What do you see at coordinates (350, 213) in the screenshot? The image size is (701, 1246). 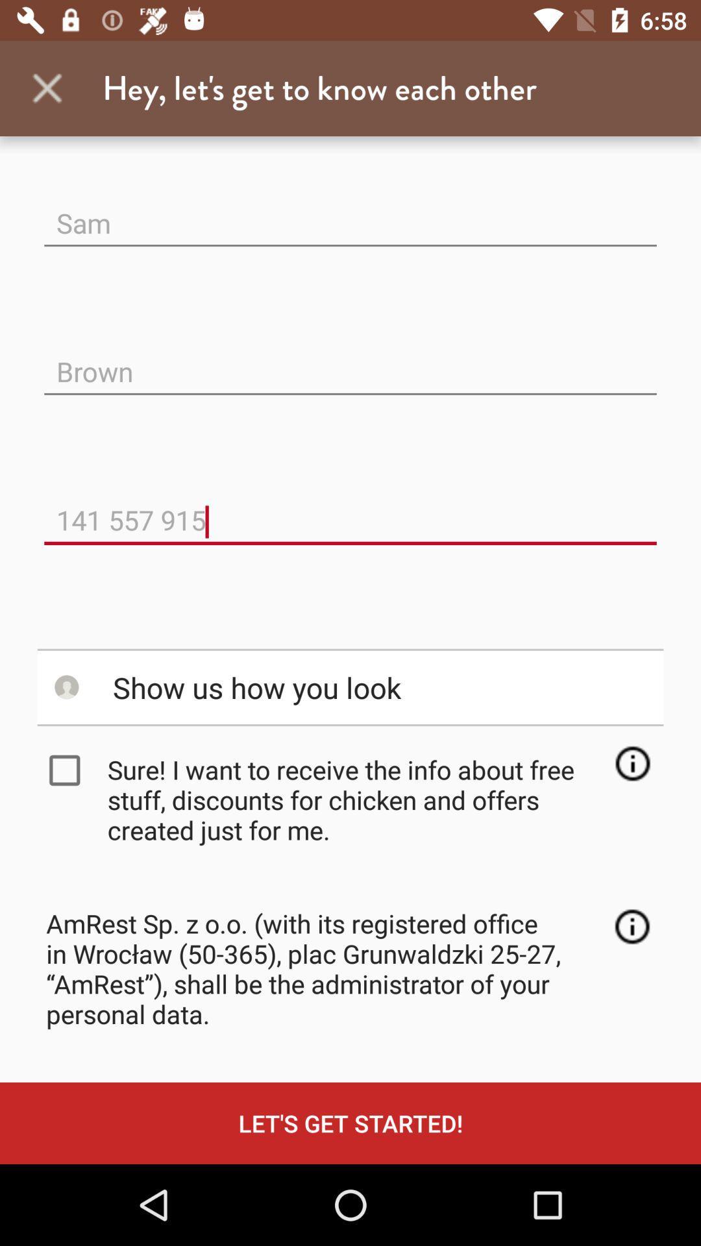 I see `icon above the brown` at bounding box center [350, 213].